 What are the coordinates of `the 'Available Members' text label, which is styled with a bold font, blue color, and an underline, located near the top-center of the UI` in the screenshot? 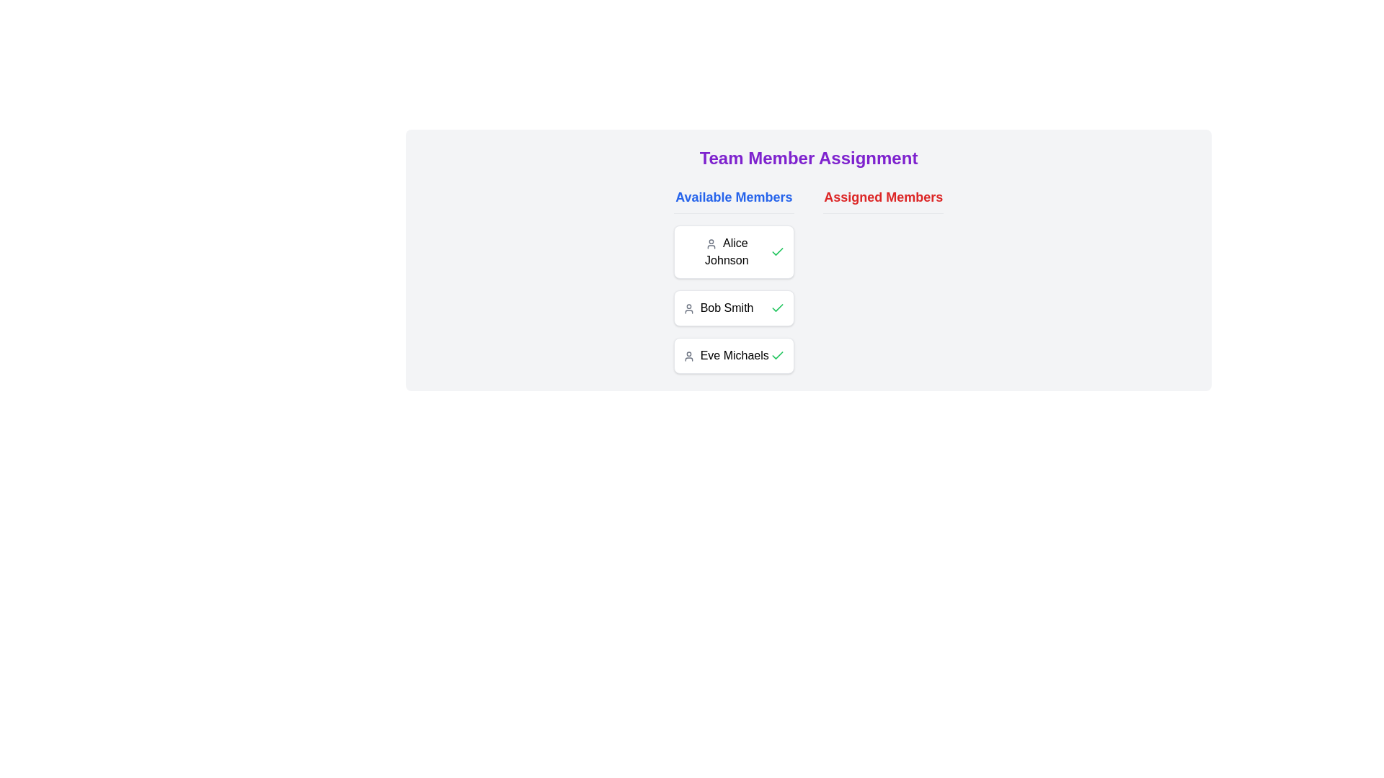 It's located at (734, 200).